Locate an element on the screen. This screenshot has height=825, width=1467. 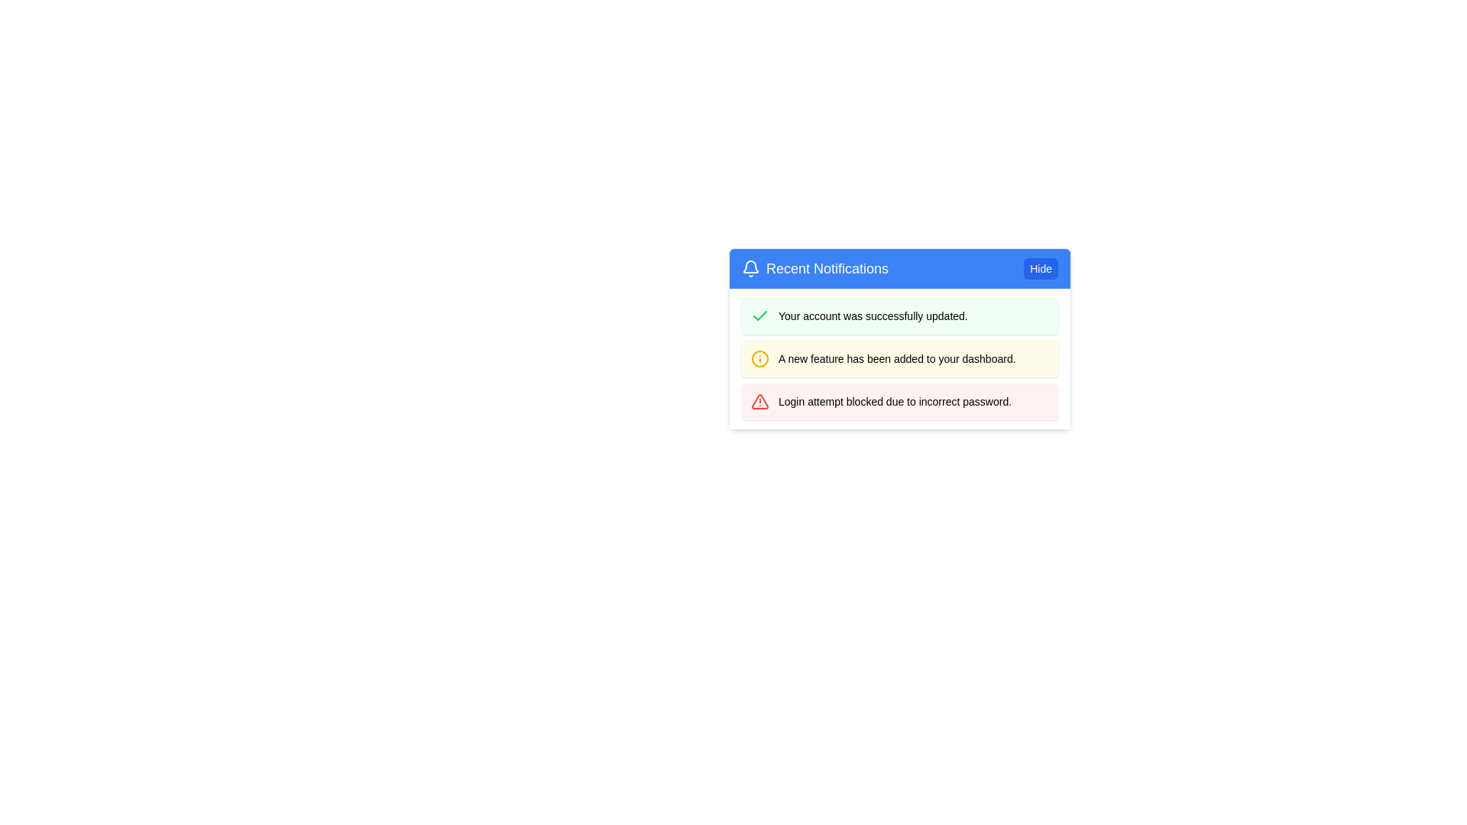
the yellow information marker icon, which is an outlined circle with a downward line segment, located to the left of the notification message 'A new feature has been added to your dashboard.' is located at coordinates (759, 359).